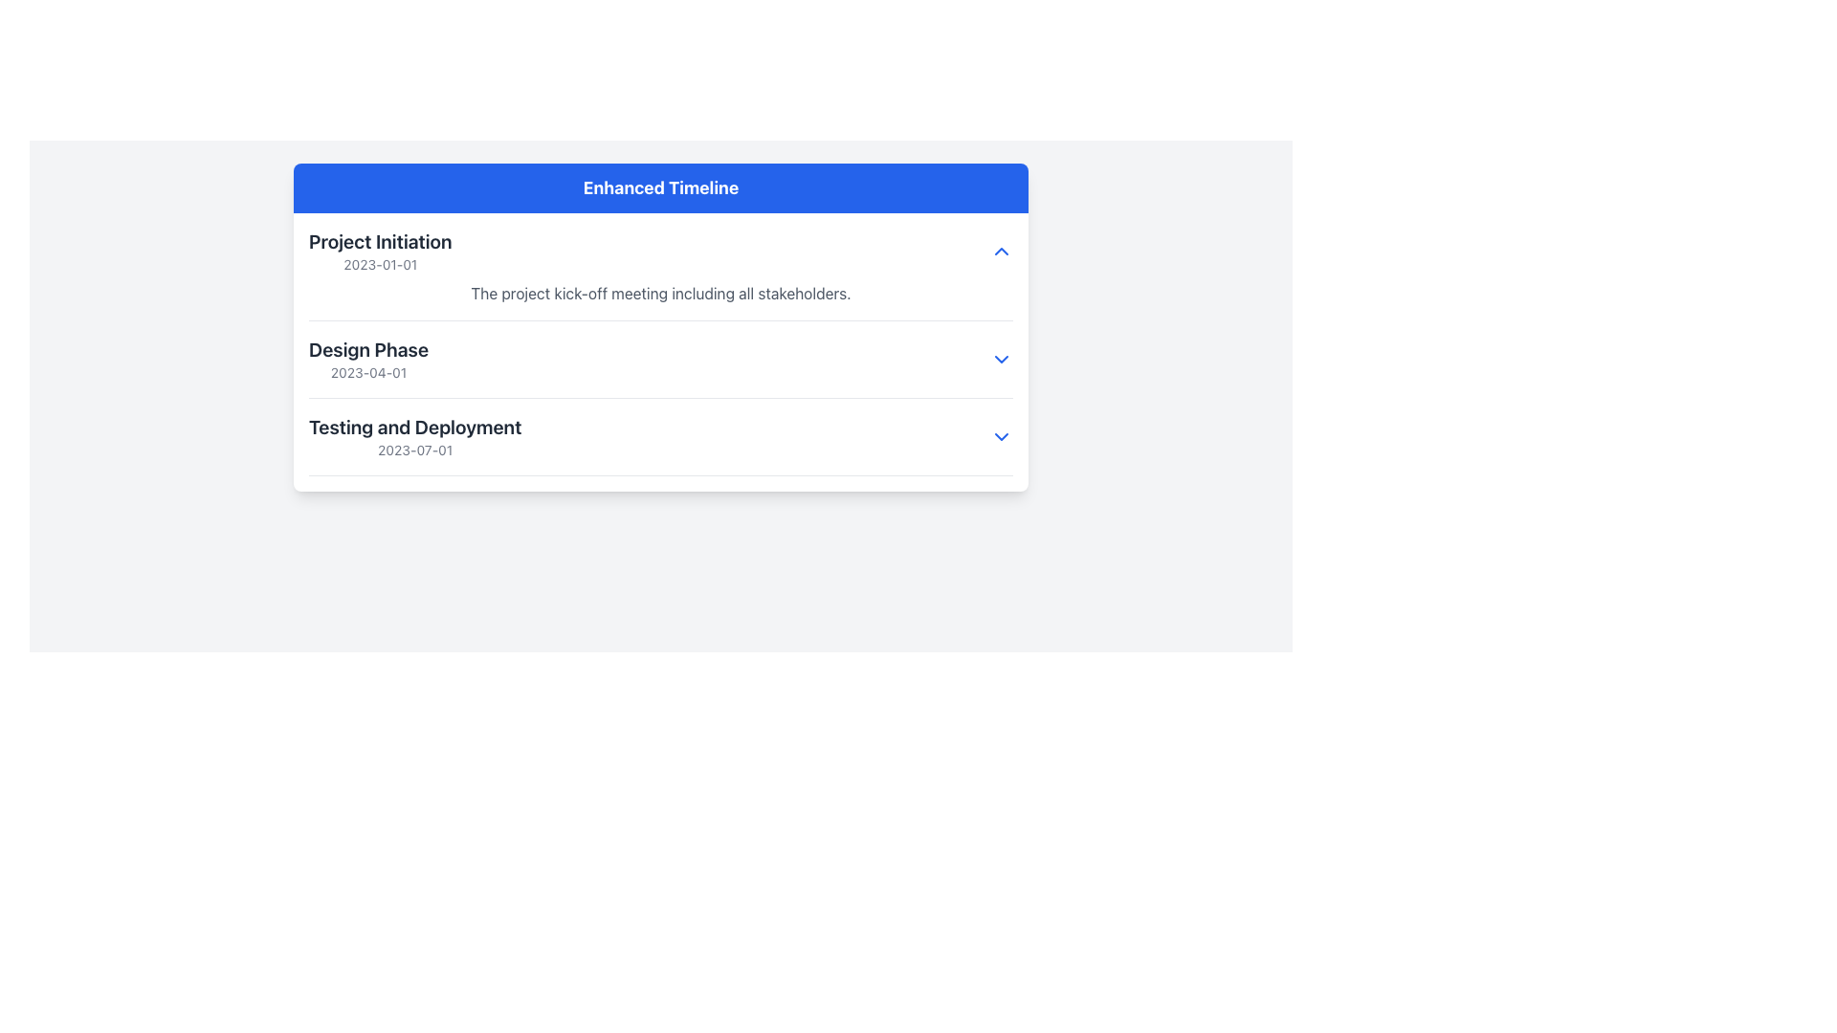 This screenshot has width=1837, height=1033. Describe the element at coordinates (661, 294) in the screenshot. I see `static text element displaying 'The project kick-off meeting including all stakeholders.' located in the 'Project Initiation' section beneath the date '2023-01-01'` at that location.